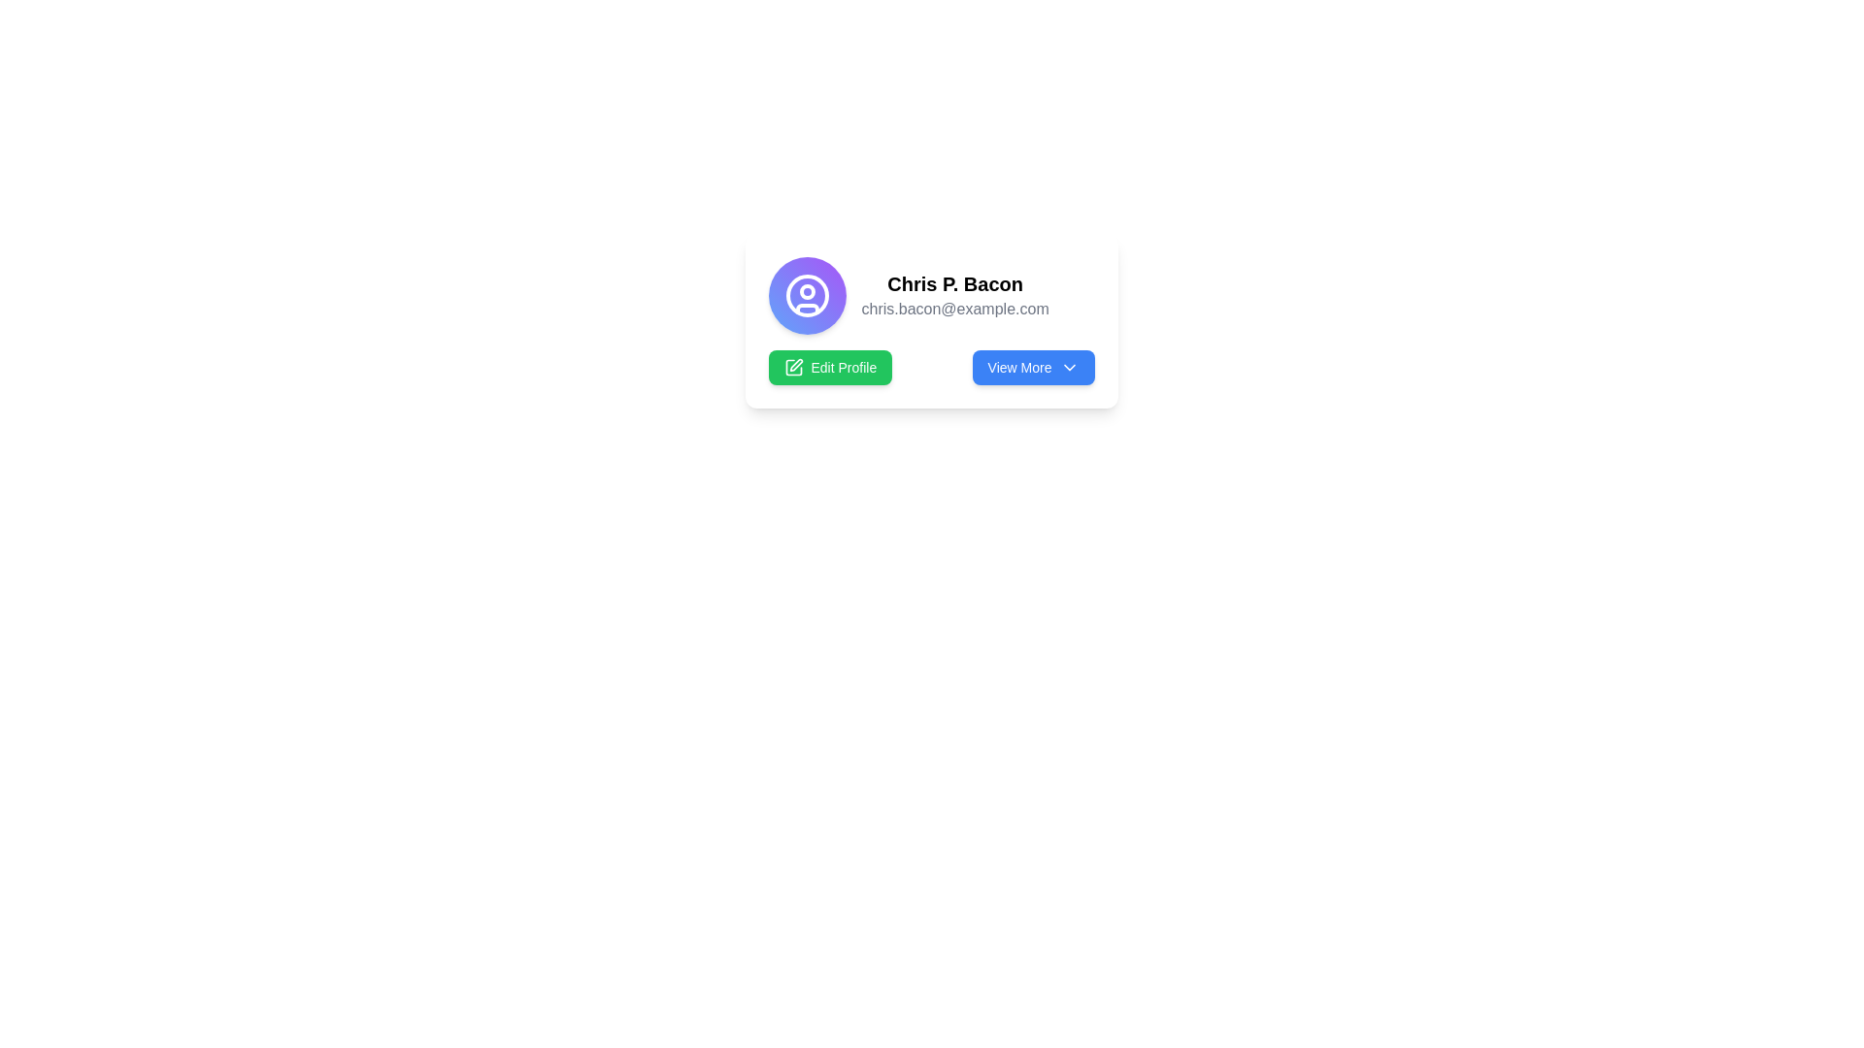  What do you see at coordinates (1068, 367) in the screenshot?
I see `the chevron-down icon located to the right of the 'View More' button, which serves as a dropdown trigger for expanding sections` at bounding box center [1068, 367].